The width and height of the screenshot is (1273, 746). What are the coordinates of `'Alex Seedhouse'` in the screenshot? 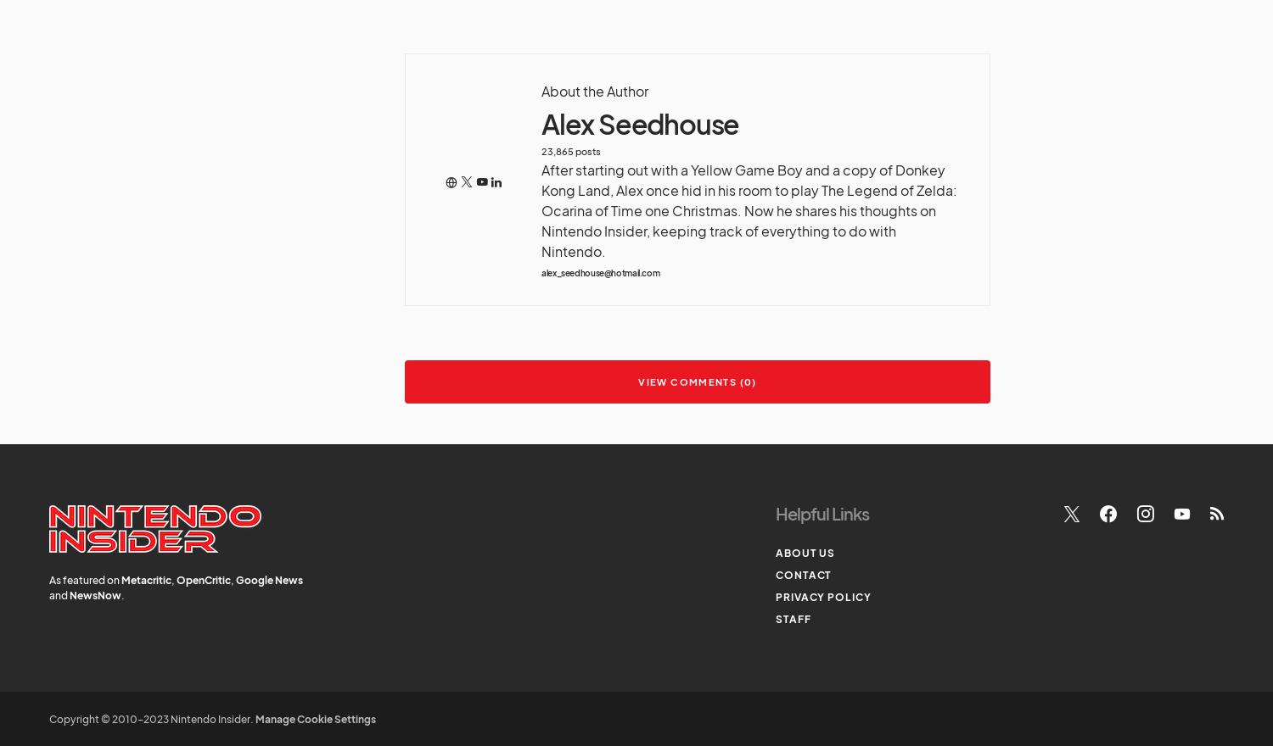 It's located at (640, 123).